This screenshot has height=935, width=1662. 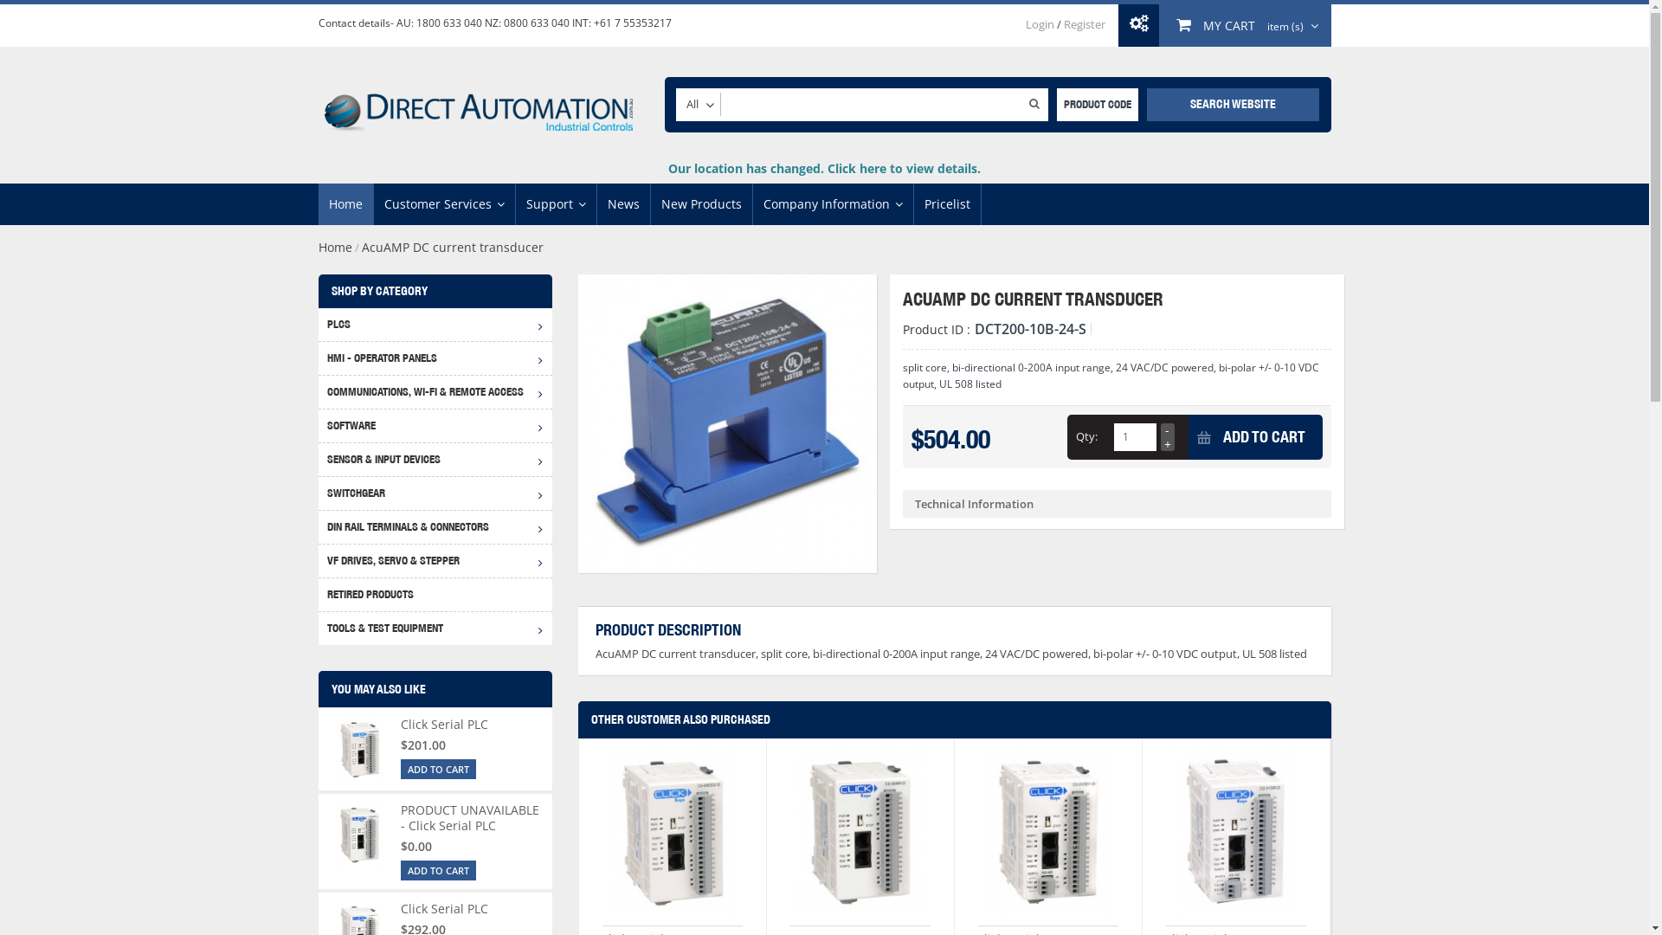 I want to click on 'Click Serial PLC', so click(x=358, y=748).